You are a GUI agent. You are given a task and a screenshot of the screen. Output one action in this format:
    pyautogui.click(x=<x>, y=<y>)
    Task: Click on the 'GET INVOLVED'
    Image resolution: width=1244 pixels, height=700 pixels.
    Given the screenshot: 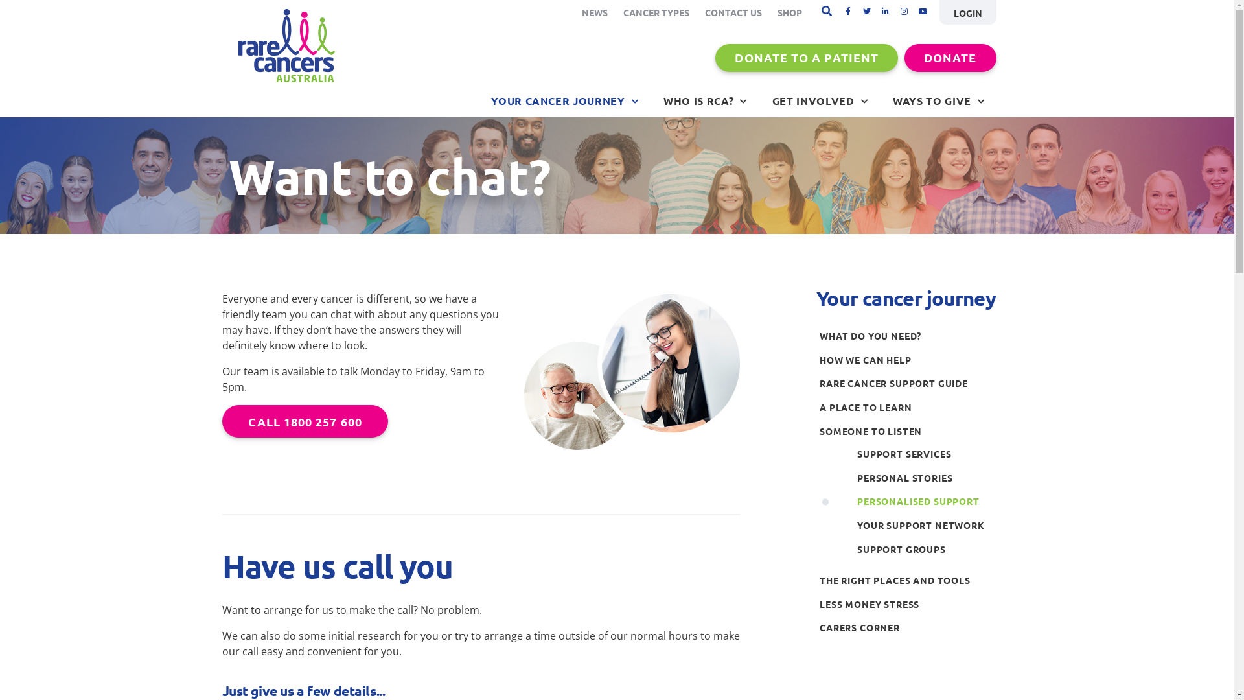 What is the action you would take?
    pyautogui.click(x=820, y=100)
    